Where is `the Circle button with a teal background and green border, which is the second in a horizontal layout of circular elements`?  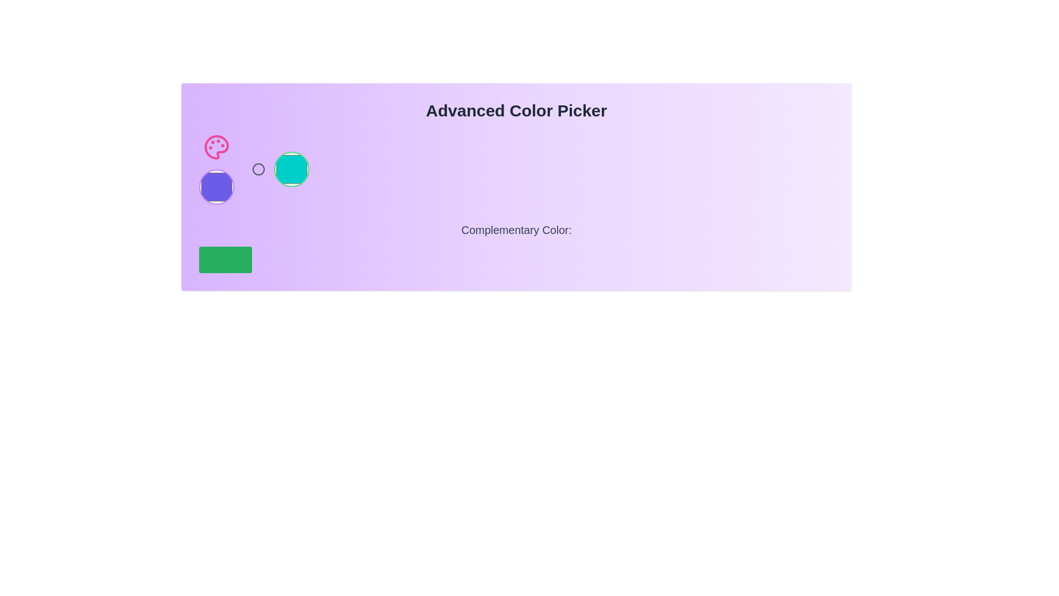
the Circle button with a teal background and green border, which is the second in a horizontal layout of circular elements is located at coordinates (280, 169).